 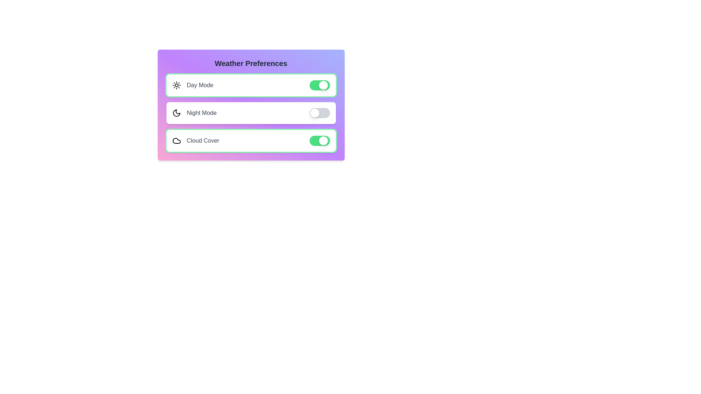 I want to click on the title text 'Weather Preferences' to select it, so click(x=251, y=63).